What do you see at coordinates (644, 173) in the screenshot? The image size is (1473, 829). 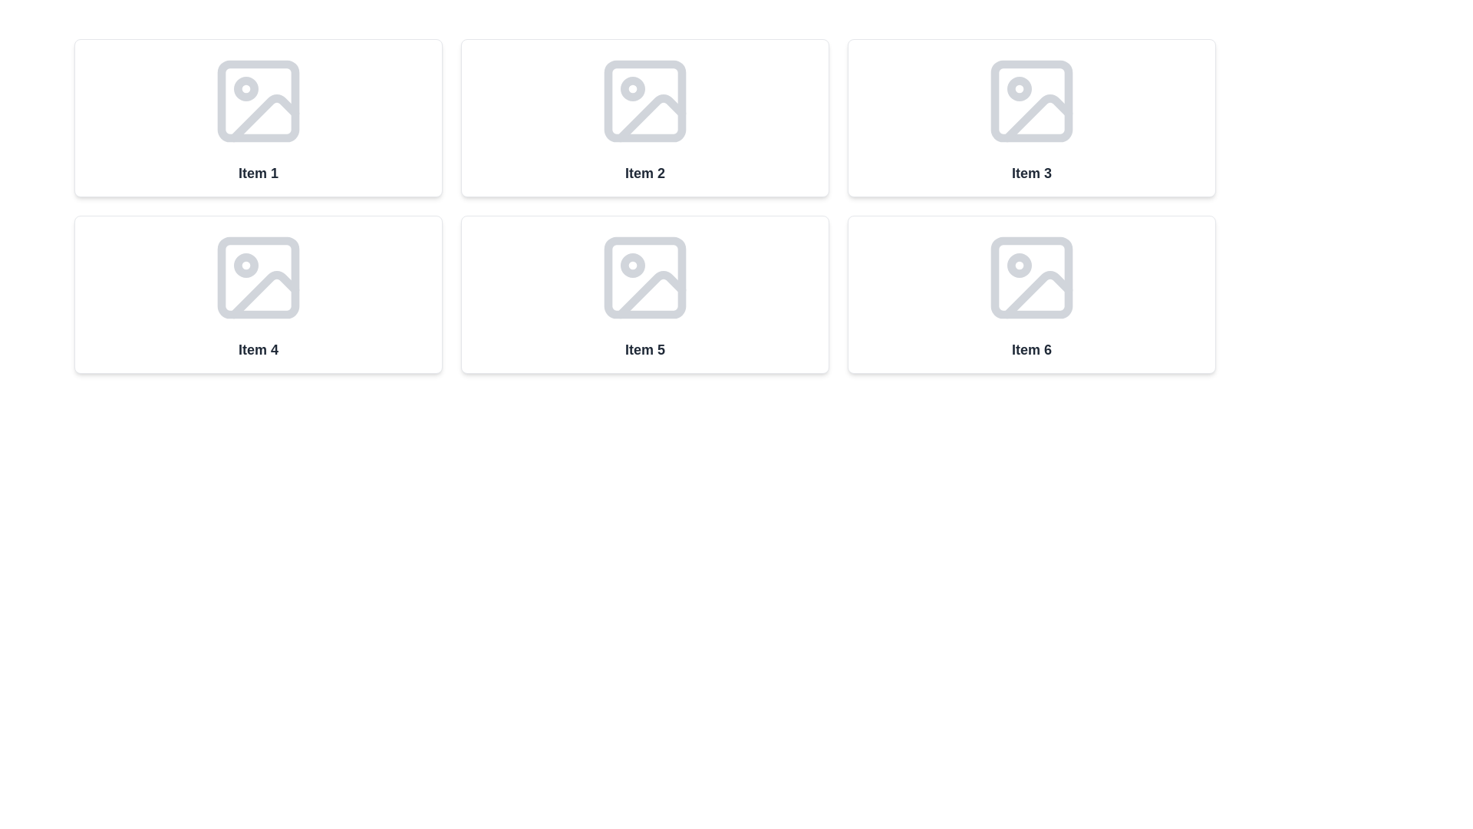 I see `the text label displaying 'Item 2', which is styled in bold, dark gray font and is located below an image icon in a 3x2 grid structure` at bounding box center [644, 173].